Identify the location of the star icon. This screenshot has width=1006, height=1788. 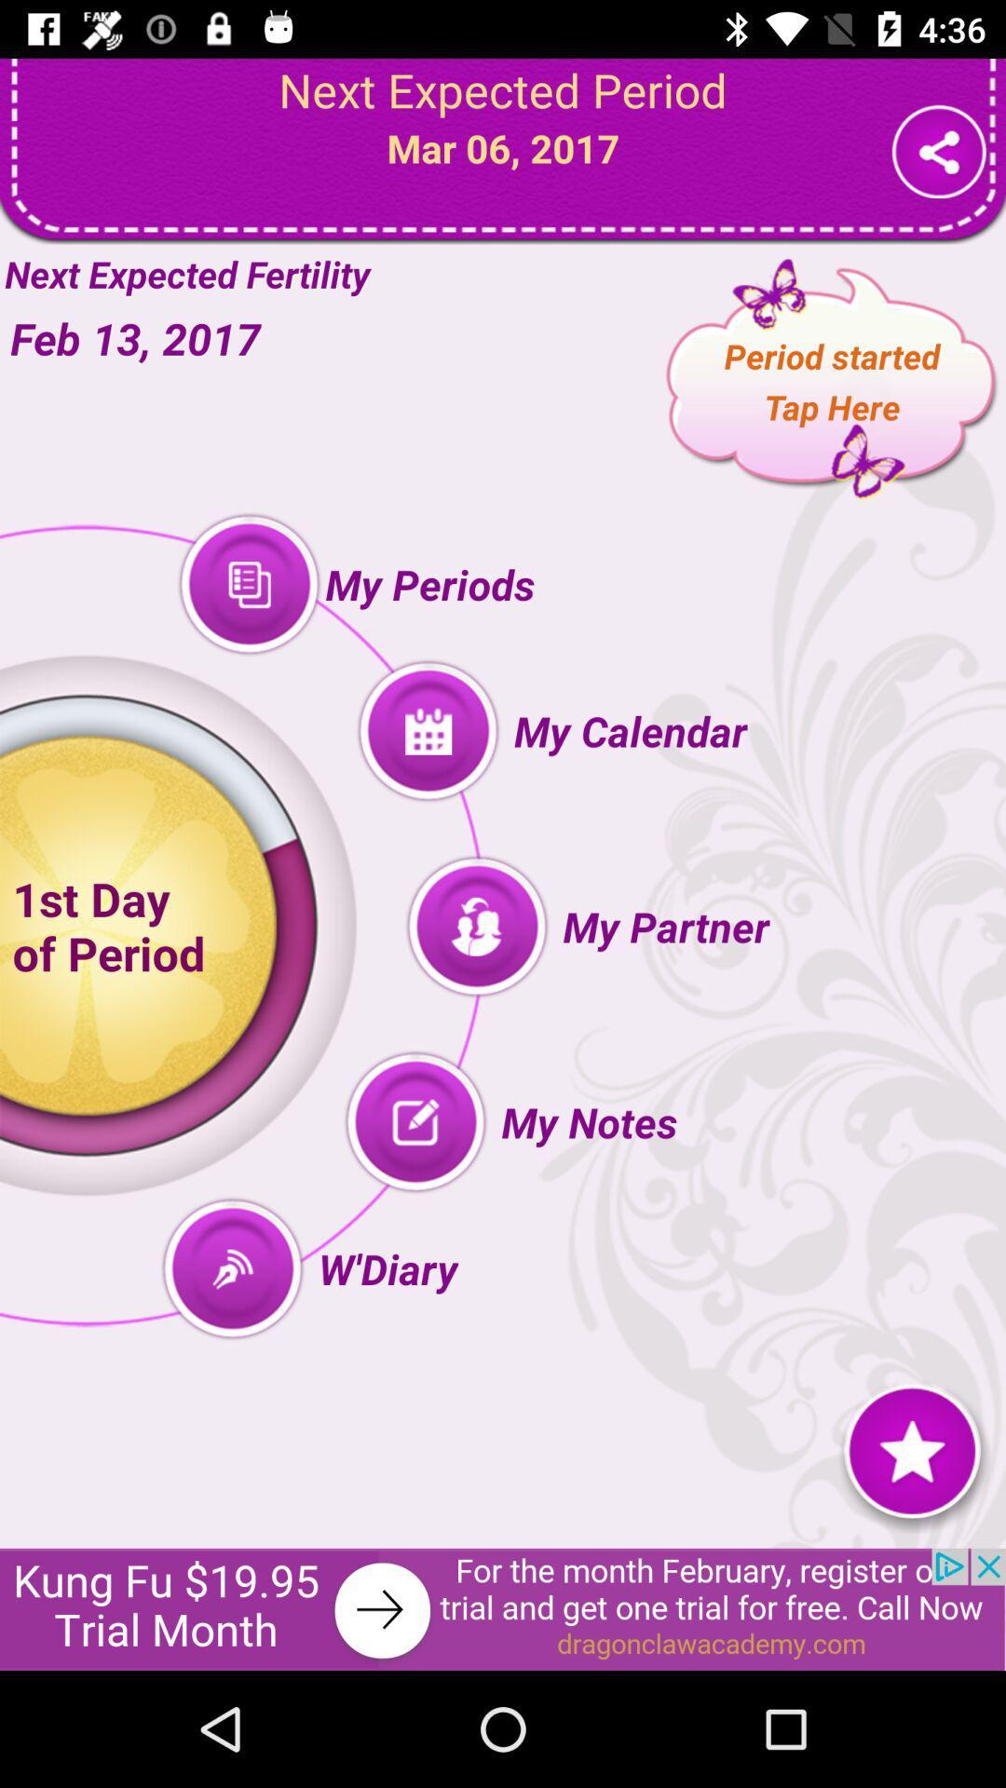
(911, 1448).